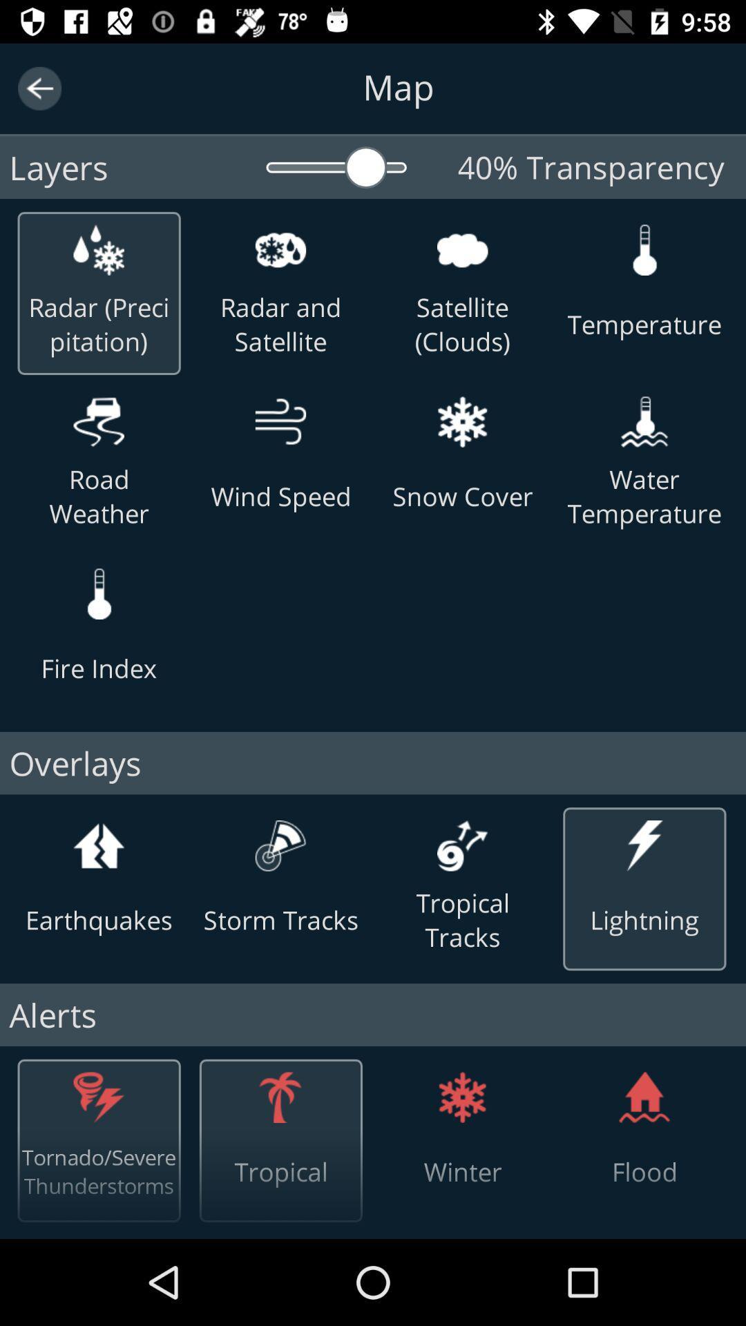  Describe the element at coordinates (39, 88) in the screenshot. I see `the arrow_backward icon` at that location.